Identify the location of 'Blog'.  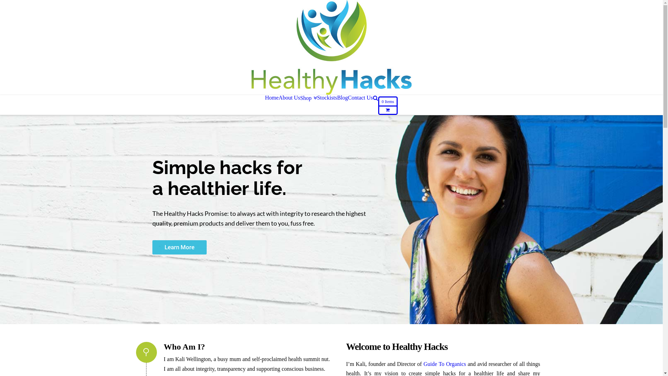
(337, 98).